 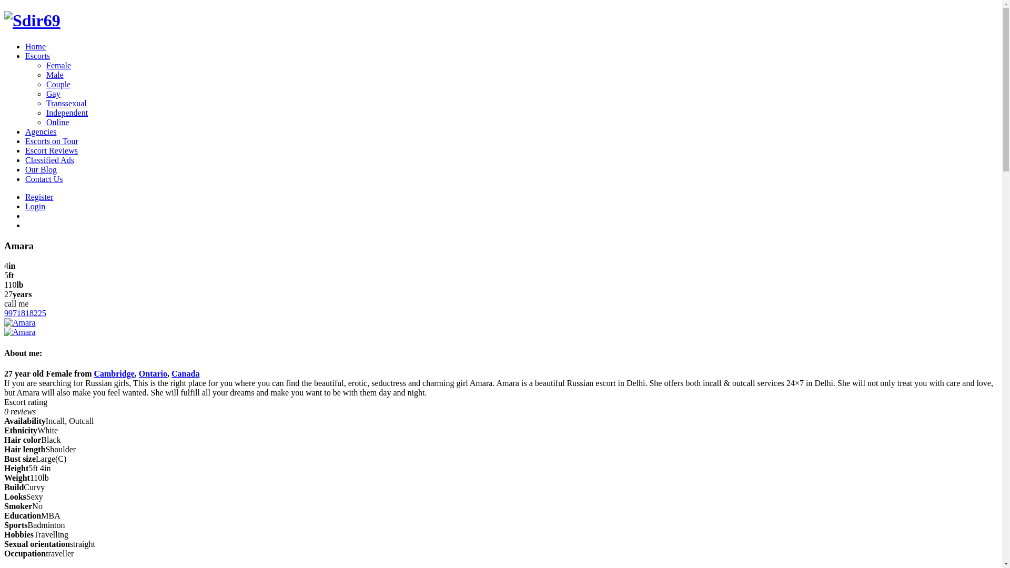 What do you see at coordinates (45, 121) in the screenshot?
I see `'Online'` at bounding box center [45, 121].